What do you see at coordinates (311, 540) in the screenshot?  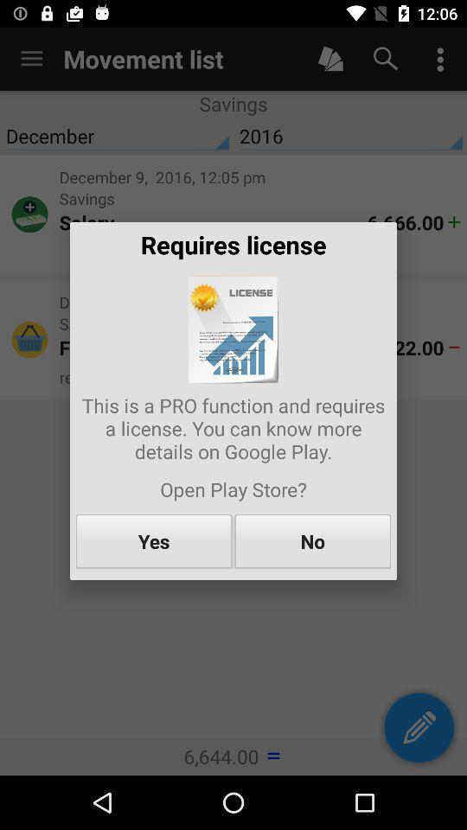 I see `the item to the right of the yes item` at bounding box center [311, 540].